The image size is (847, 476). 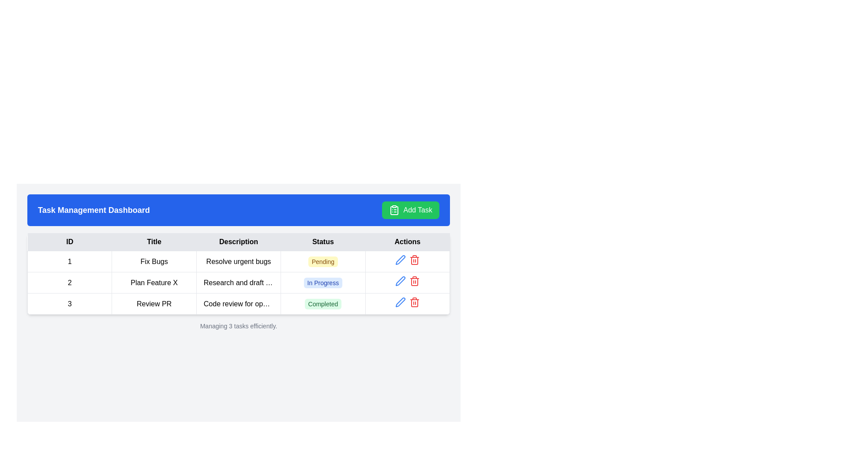 What do you see at coordinates (239, 261) in the screenshot?
I see `the first row of the table that displays details about a specific task, located above the rows for 'Plan Feature X' and 'Review PR'` at bounding box center [239, 261].